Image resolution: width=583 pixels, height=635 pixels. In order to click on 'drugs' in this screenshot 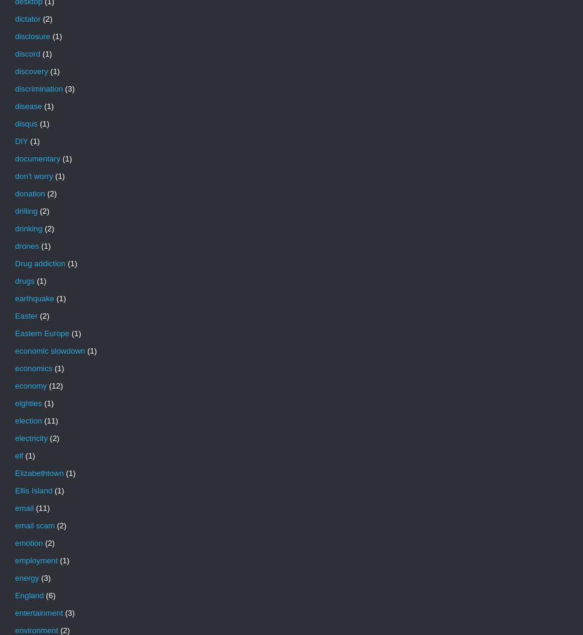, I will do `click(24, 281)`.